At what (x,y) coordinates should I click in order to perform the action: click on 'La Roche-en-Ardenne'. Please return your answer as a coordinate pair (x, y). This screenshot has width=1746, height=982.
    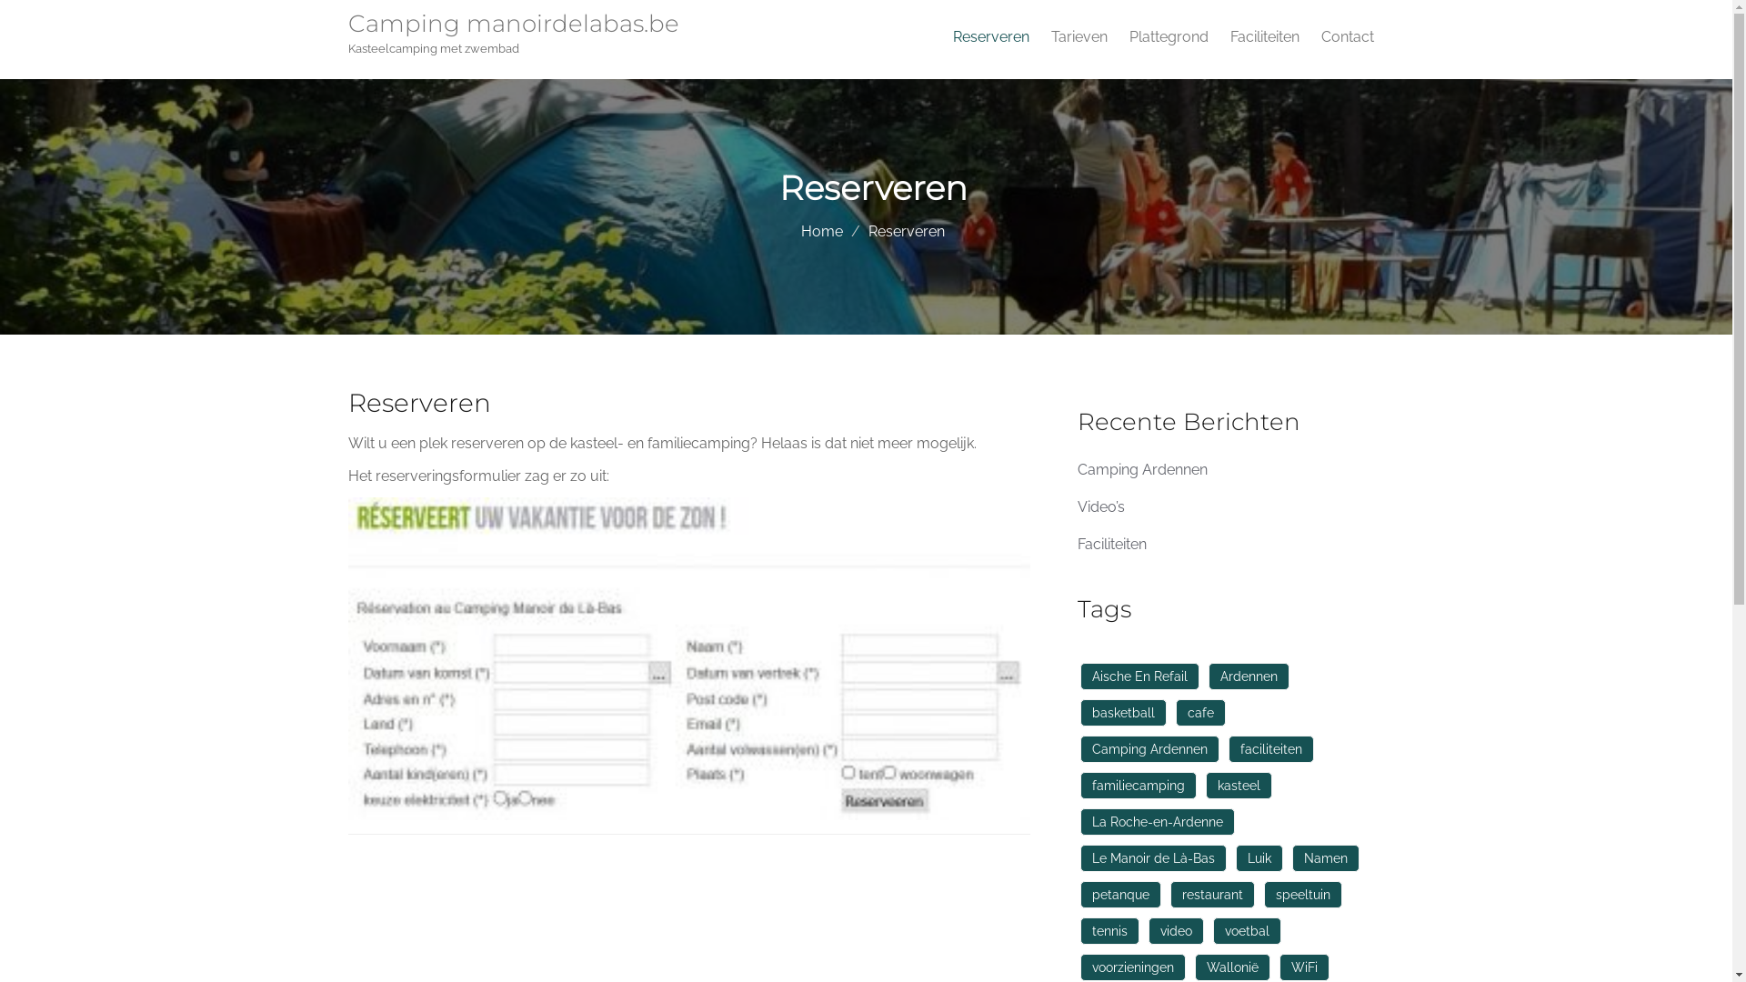
    Looking at the image, I should click on (1156, 821).